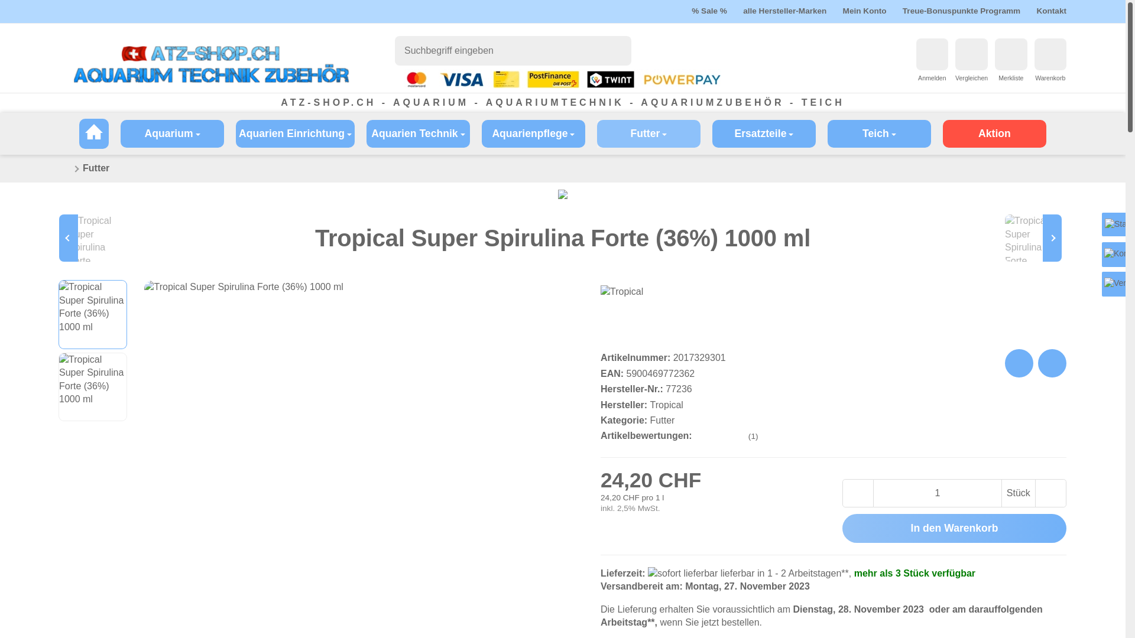 Image resolution: width=1135 pixels, height=638 pixels. What do you see at coordinates (533, 133) in the screenshot?
I see `'Aquarienpflege'` at bounding box center [533, 133].